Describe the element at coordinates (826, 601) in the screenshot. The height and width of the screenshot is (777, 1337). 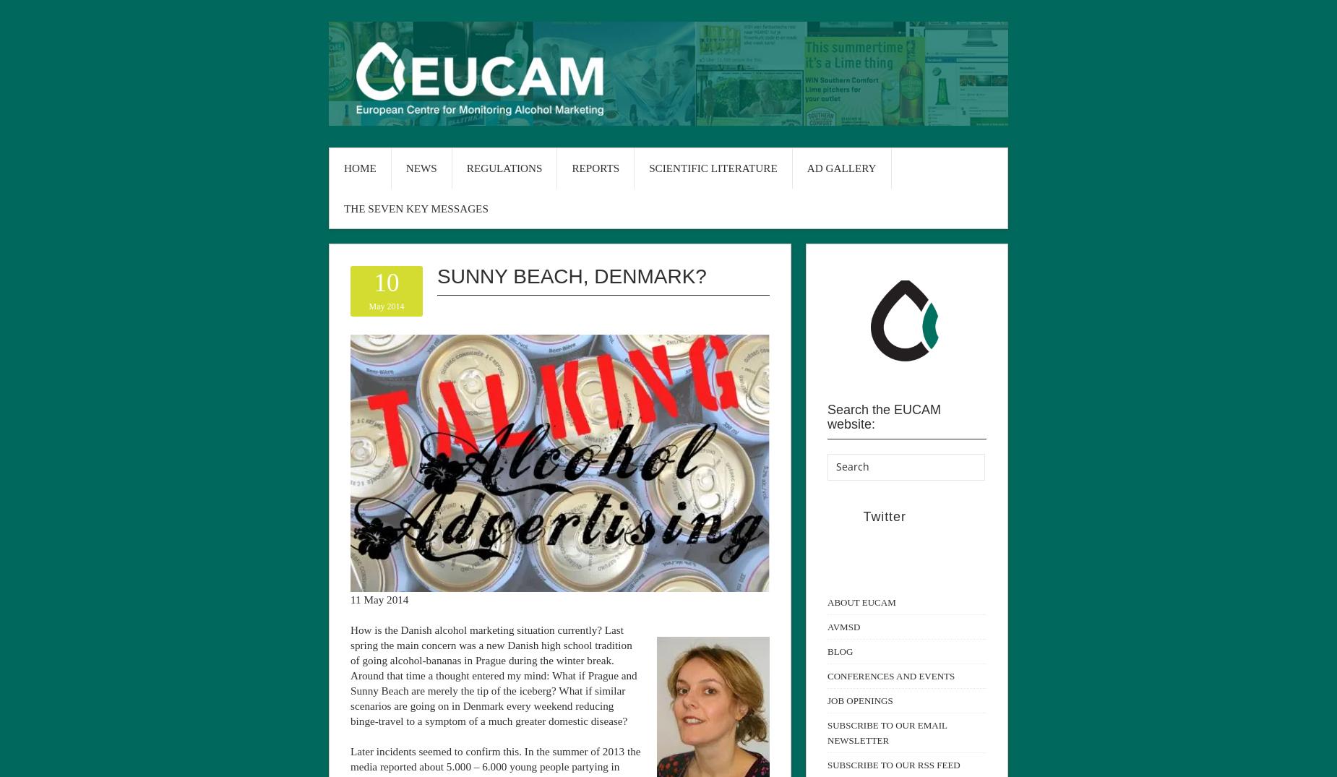
I see `'ABOUT EUCAM'` at that location.